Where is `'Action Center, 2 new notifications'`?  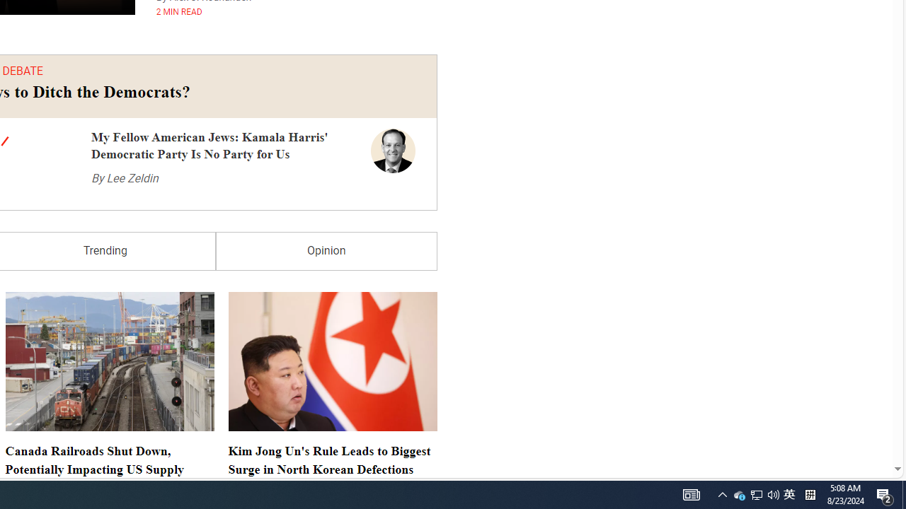 'Action Center, 2 new notifications' is located at coordinates (885, 493).